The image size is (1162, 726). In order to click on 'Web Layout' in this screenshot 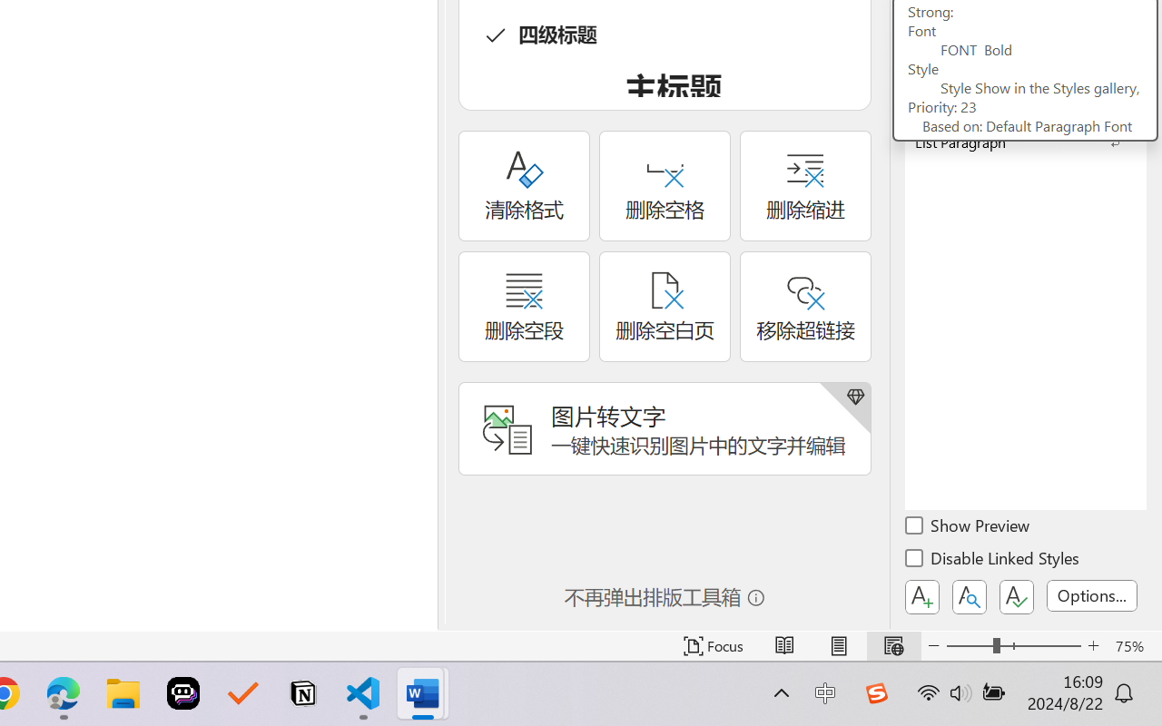, I will do `click(893, 645)`.